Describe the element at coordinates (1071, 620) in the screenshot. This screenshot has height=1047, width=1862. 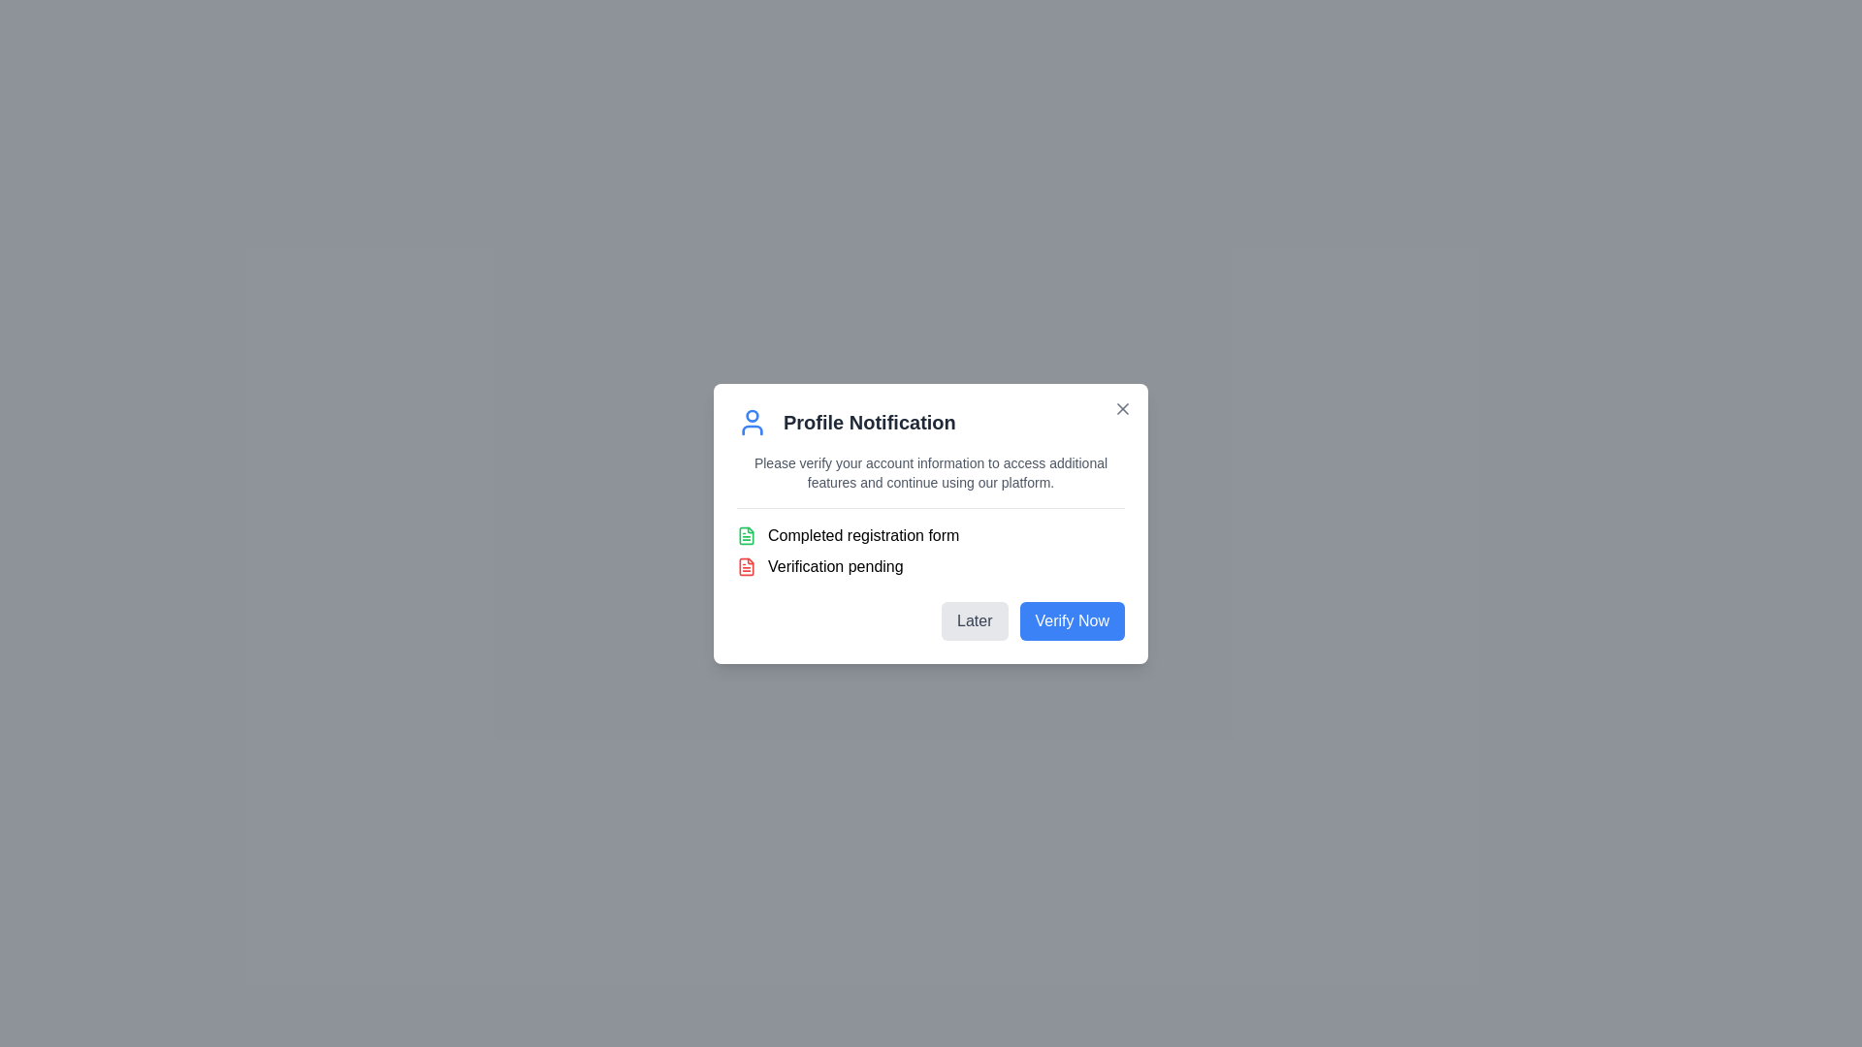
I see `the prominent blue 'Verify Now' button located in the lower-right corner of the modal dialog box` at that location.